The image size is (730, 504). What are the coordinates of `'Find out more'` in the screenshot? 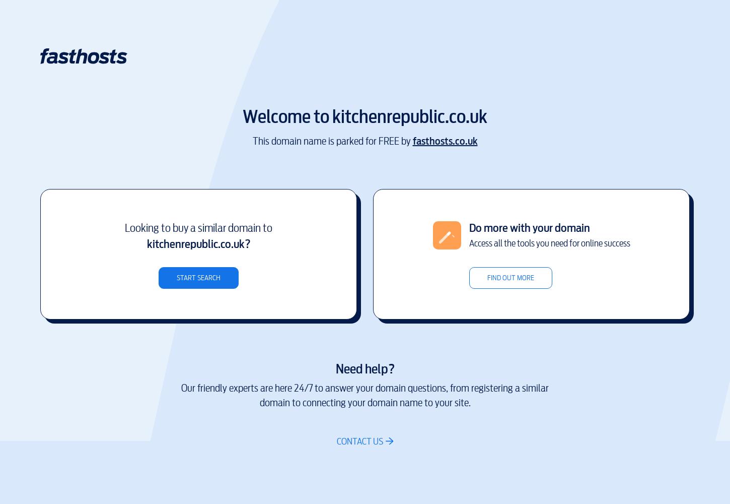 It's located at (510, 277).